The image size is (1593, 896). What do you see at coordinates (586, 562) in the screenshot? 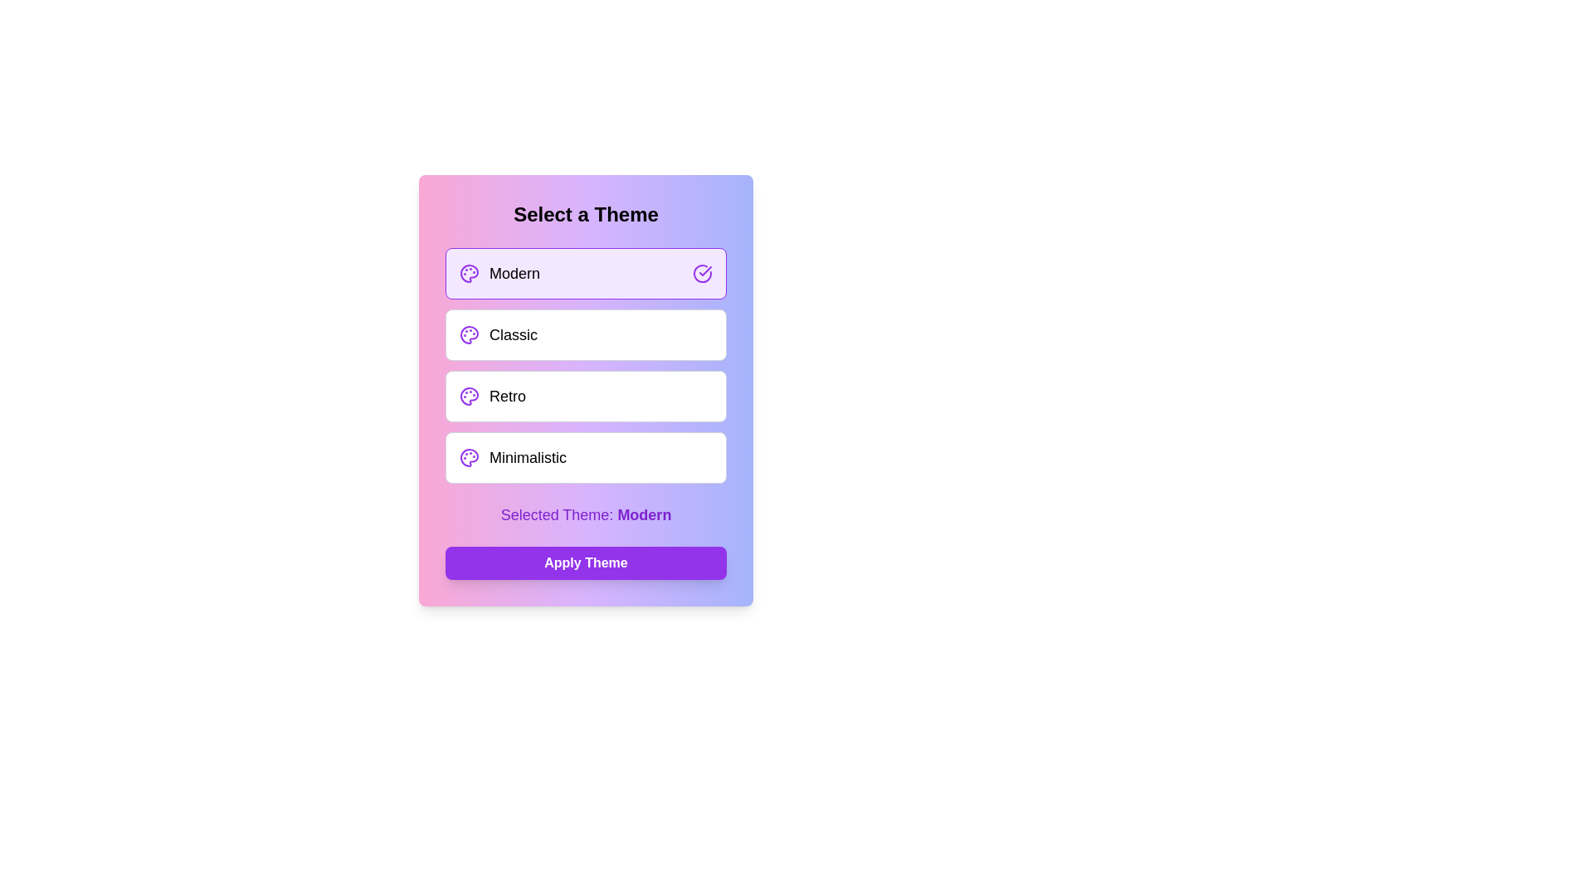
I see `the button located directly below the text 'Selected Theme: Modern' to apply the selected theme` at bounding box center [586, 562].